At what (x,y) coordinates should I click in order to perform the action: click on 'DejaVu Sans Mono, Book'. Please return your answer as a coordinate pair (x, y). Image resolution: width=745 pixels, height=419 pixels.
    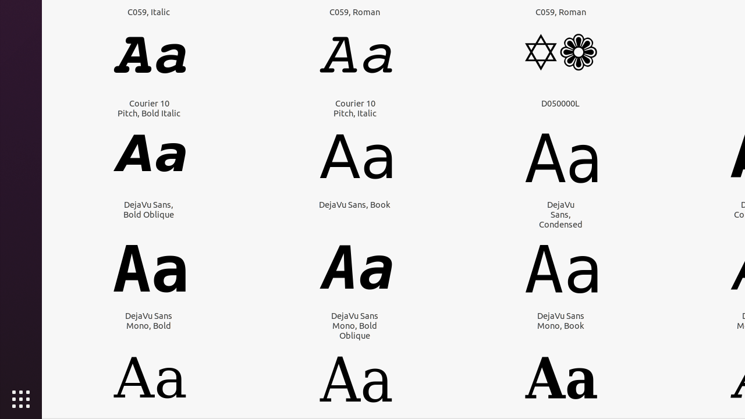
    Looking at the image, I should click on (560, 321).